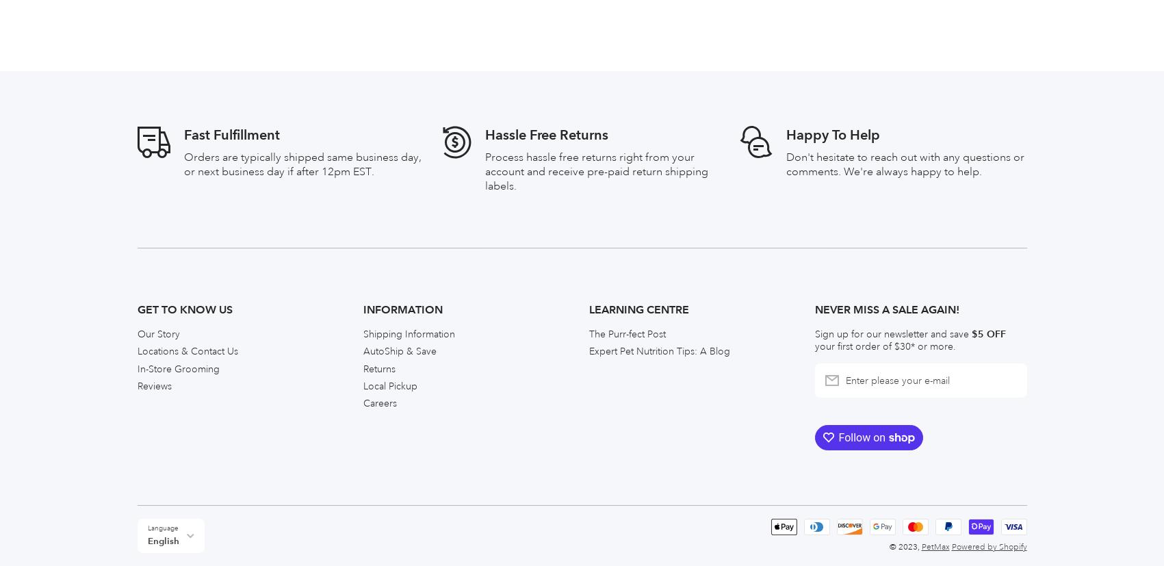  Describe the element at coordinates (157, 25) in the screenshot. I see `'Our Story'` at that location.